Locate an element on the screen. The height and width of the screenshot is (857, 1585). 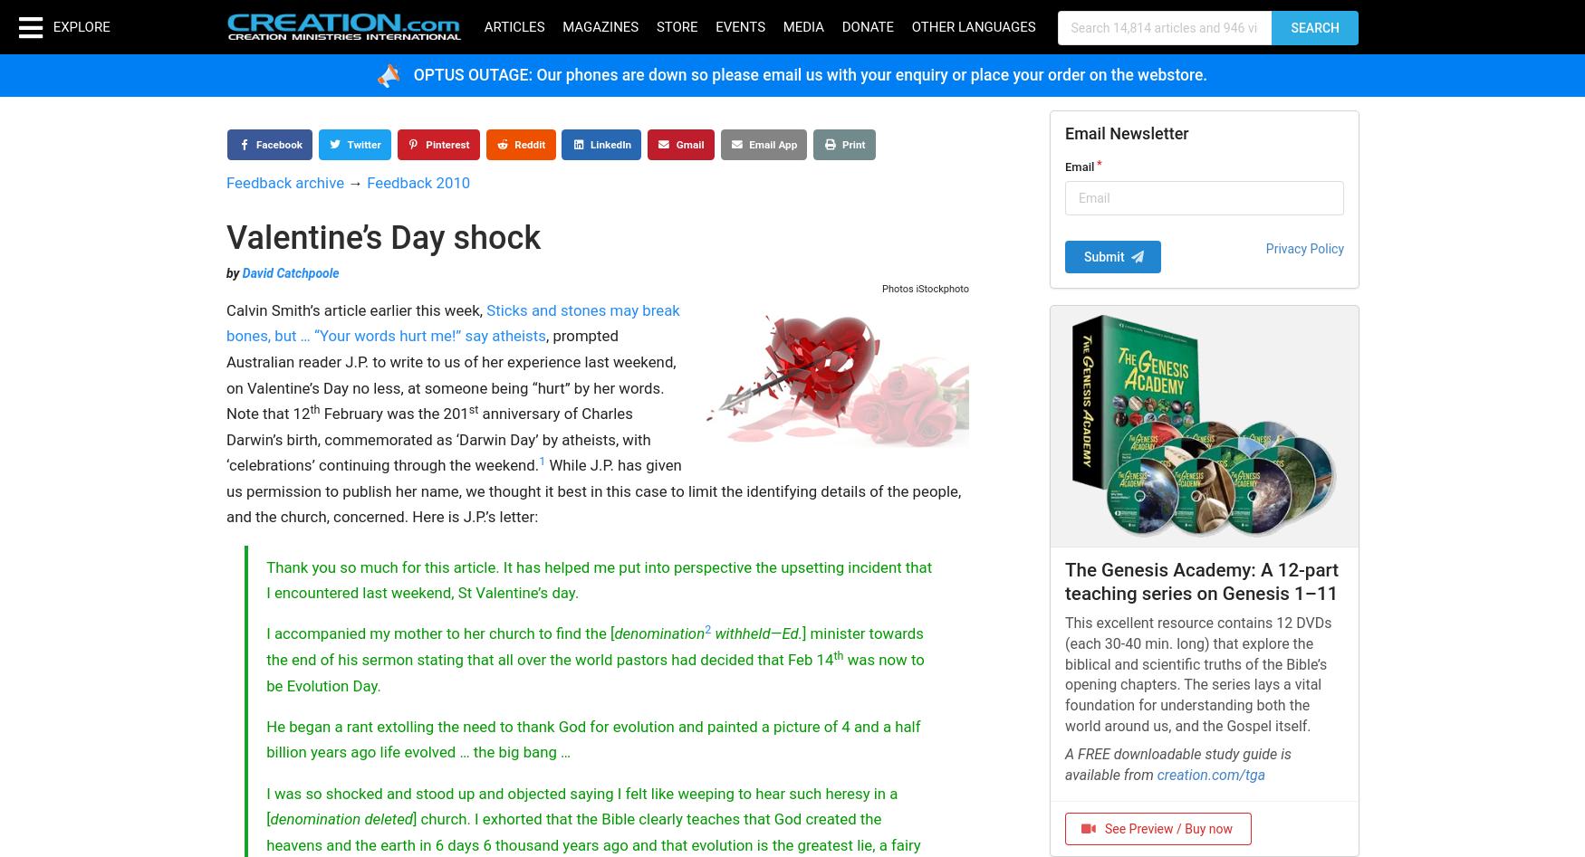
'Facebook' is located at coordinates (276, 143).